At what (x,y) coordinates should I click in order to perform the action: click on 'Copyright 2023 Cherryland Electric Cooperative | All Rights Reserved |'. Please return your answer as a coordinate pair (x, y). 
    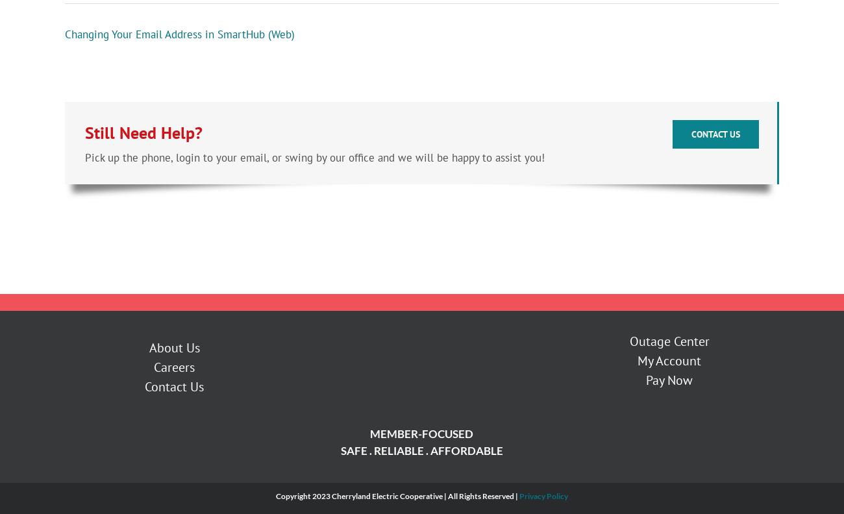
    Looking at the image, I should click on (397, 498).